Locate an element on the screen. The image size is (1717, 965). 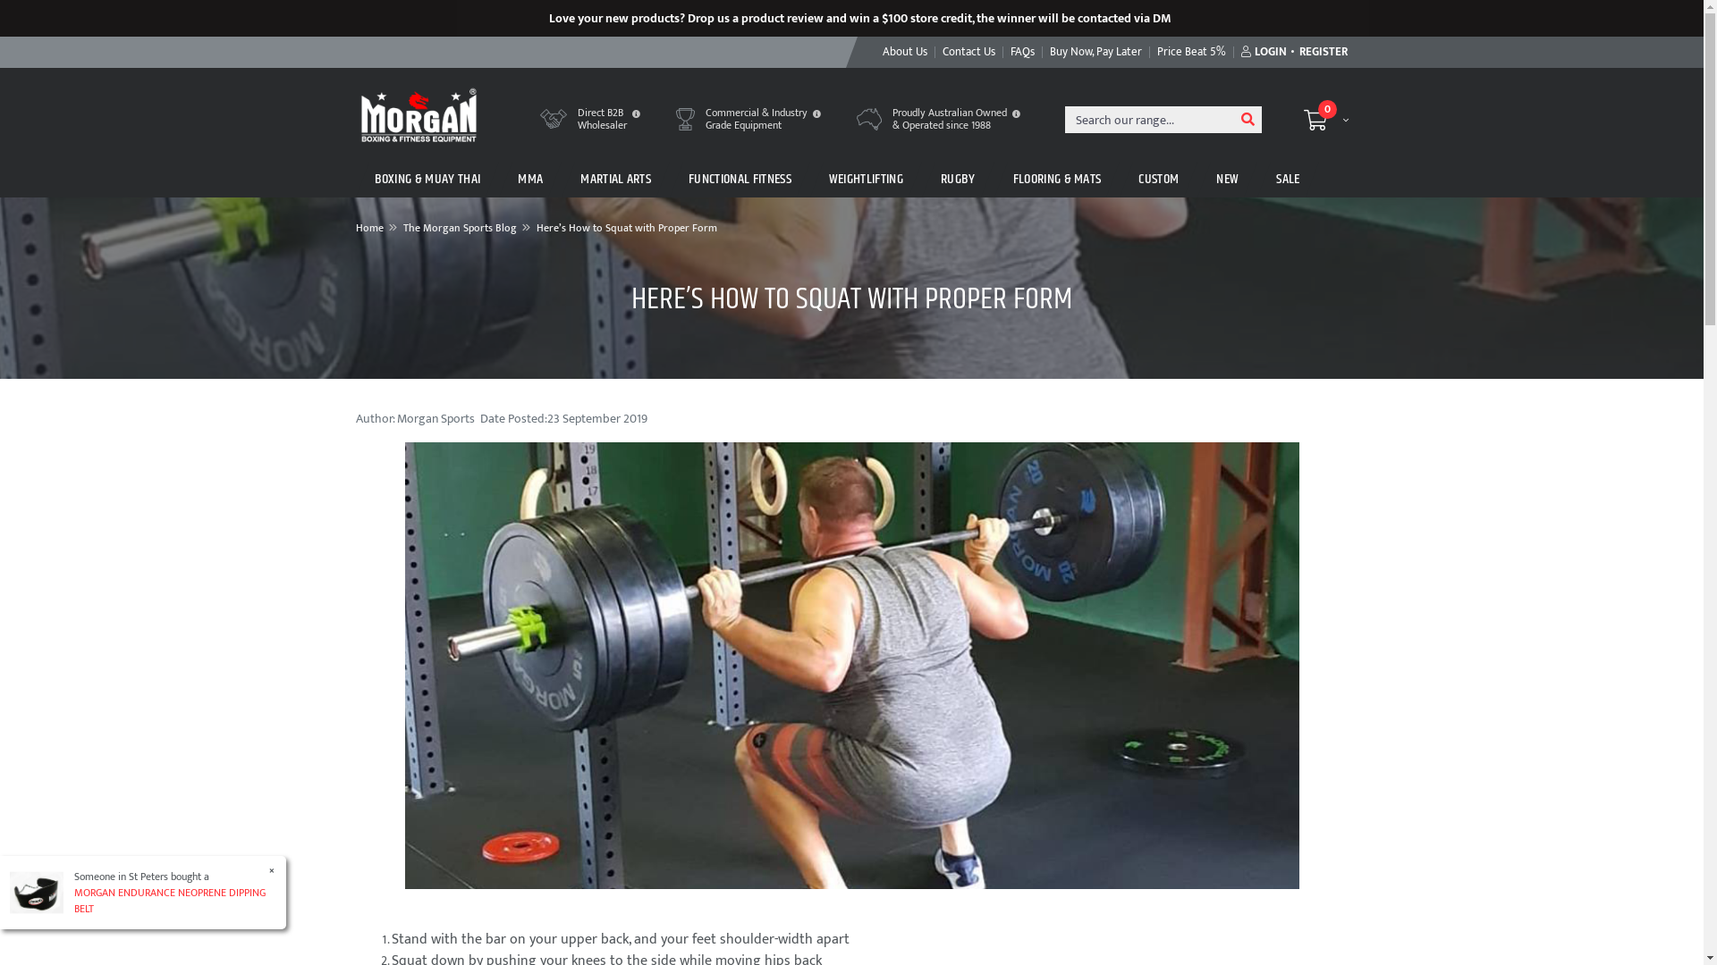
'Contact Us' is located at coordinates (968, 51).